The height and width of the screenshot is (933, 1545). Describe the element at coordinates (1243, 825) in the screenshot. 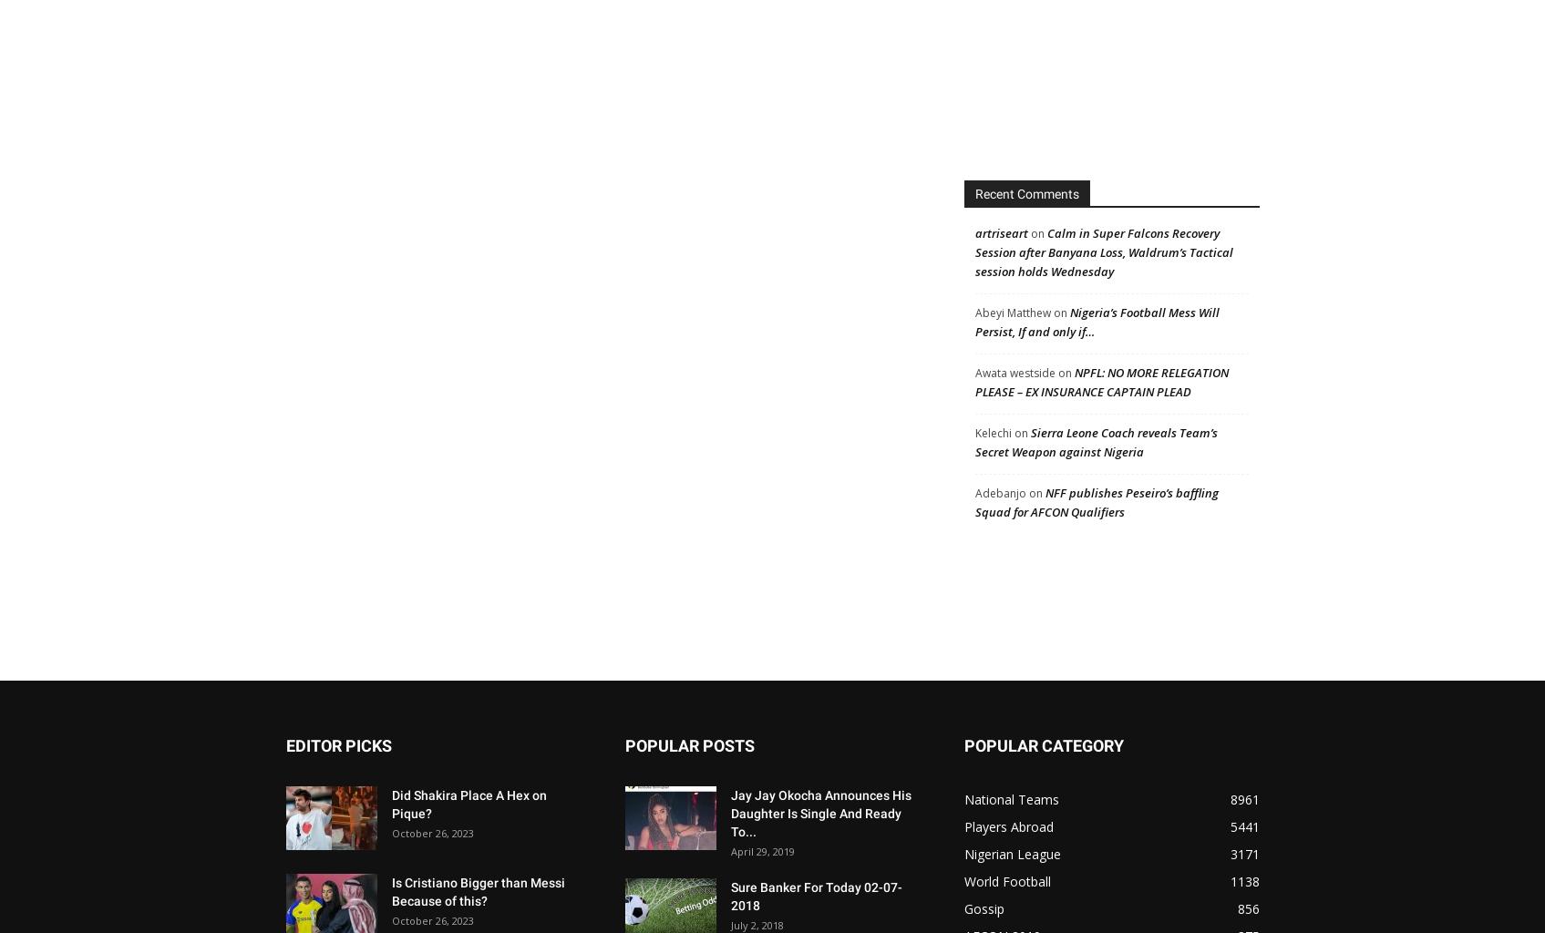

I see `'5441'` at that location.